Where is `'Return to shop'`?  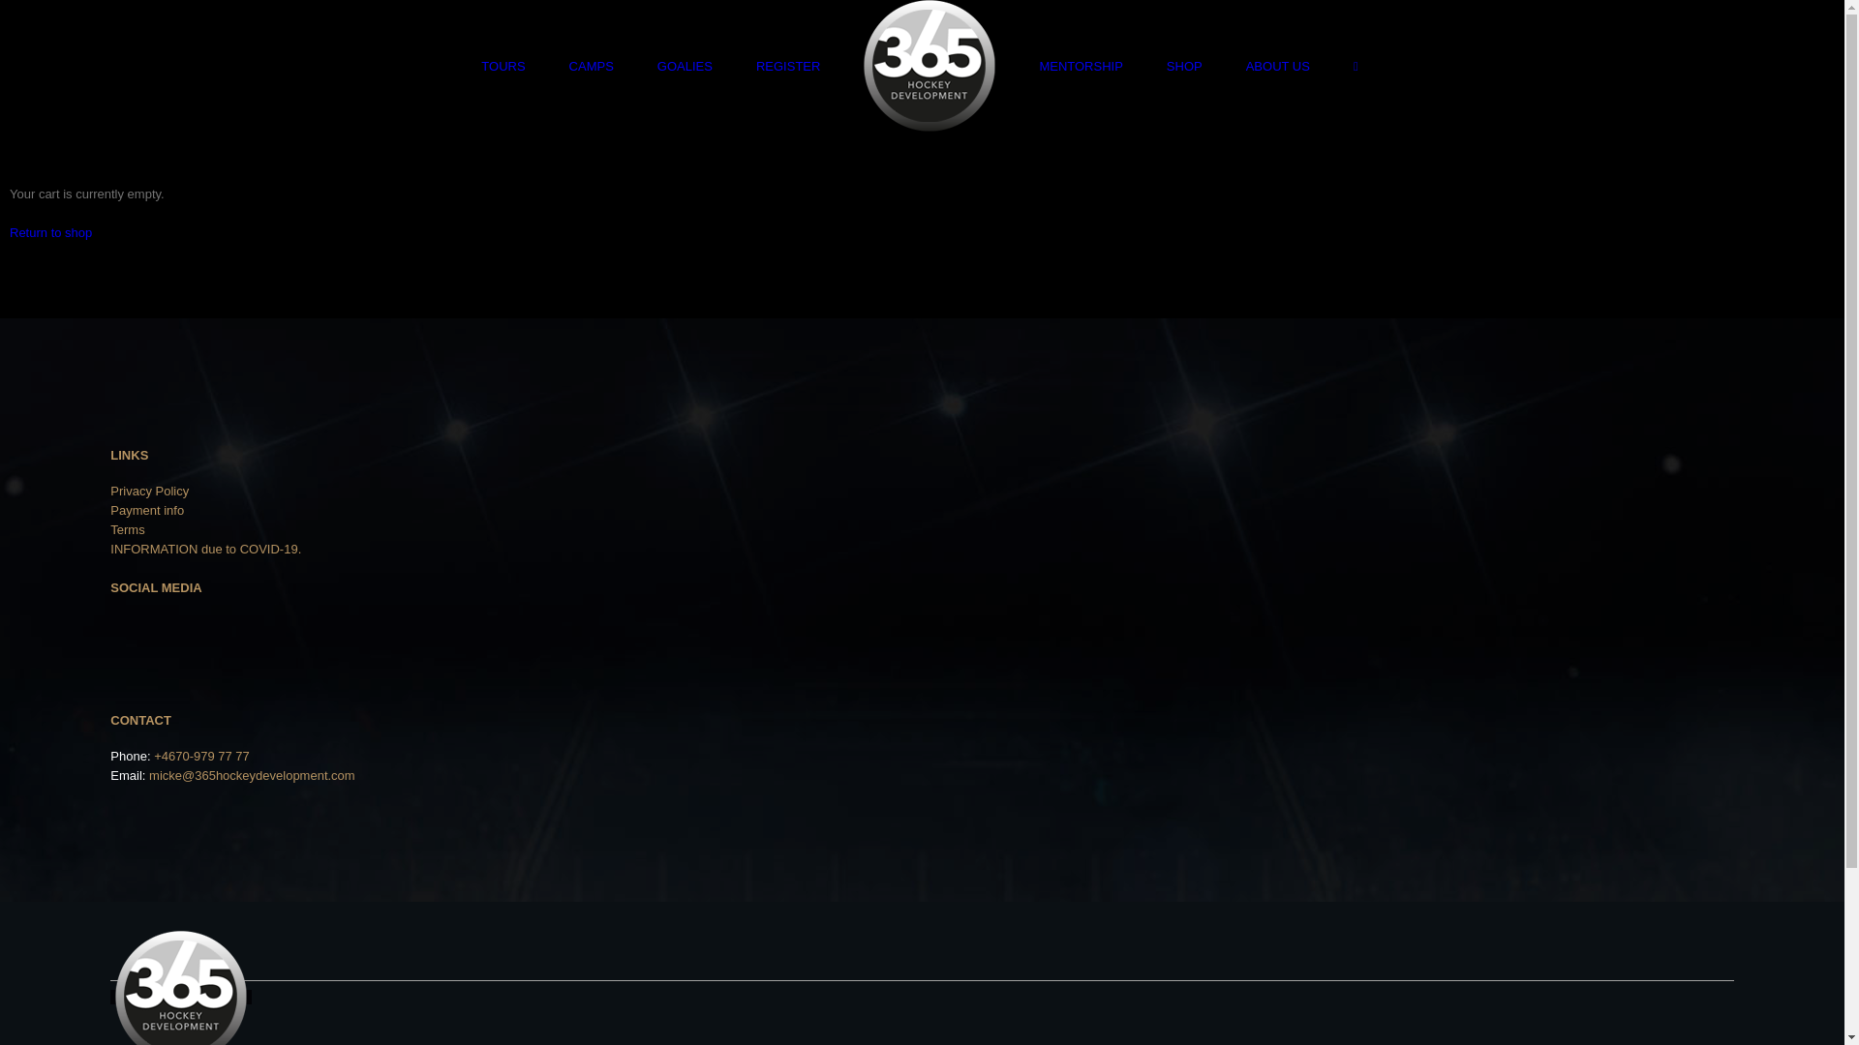 'Return to shop' is located at coordinates (50, 231).